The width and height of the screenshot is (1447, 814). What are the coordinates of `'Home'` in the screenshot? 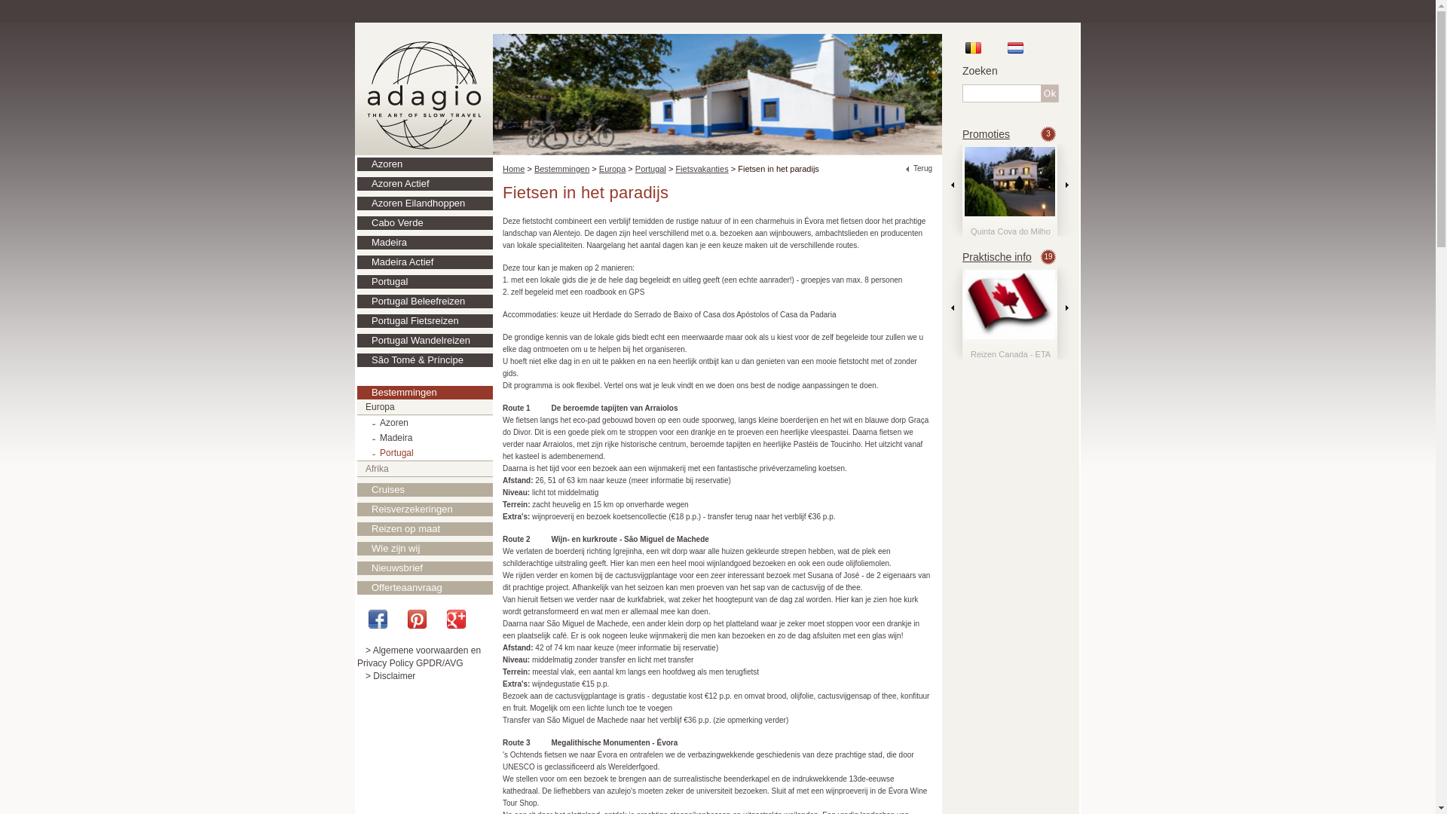 It's located at (513, 168).